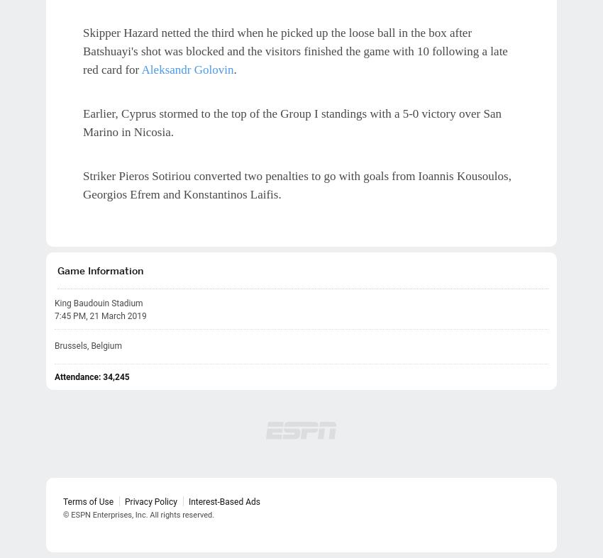  I want to click on '.', so click(234, 68).